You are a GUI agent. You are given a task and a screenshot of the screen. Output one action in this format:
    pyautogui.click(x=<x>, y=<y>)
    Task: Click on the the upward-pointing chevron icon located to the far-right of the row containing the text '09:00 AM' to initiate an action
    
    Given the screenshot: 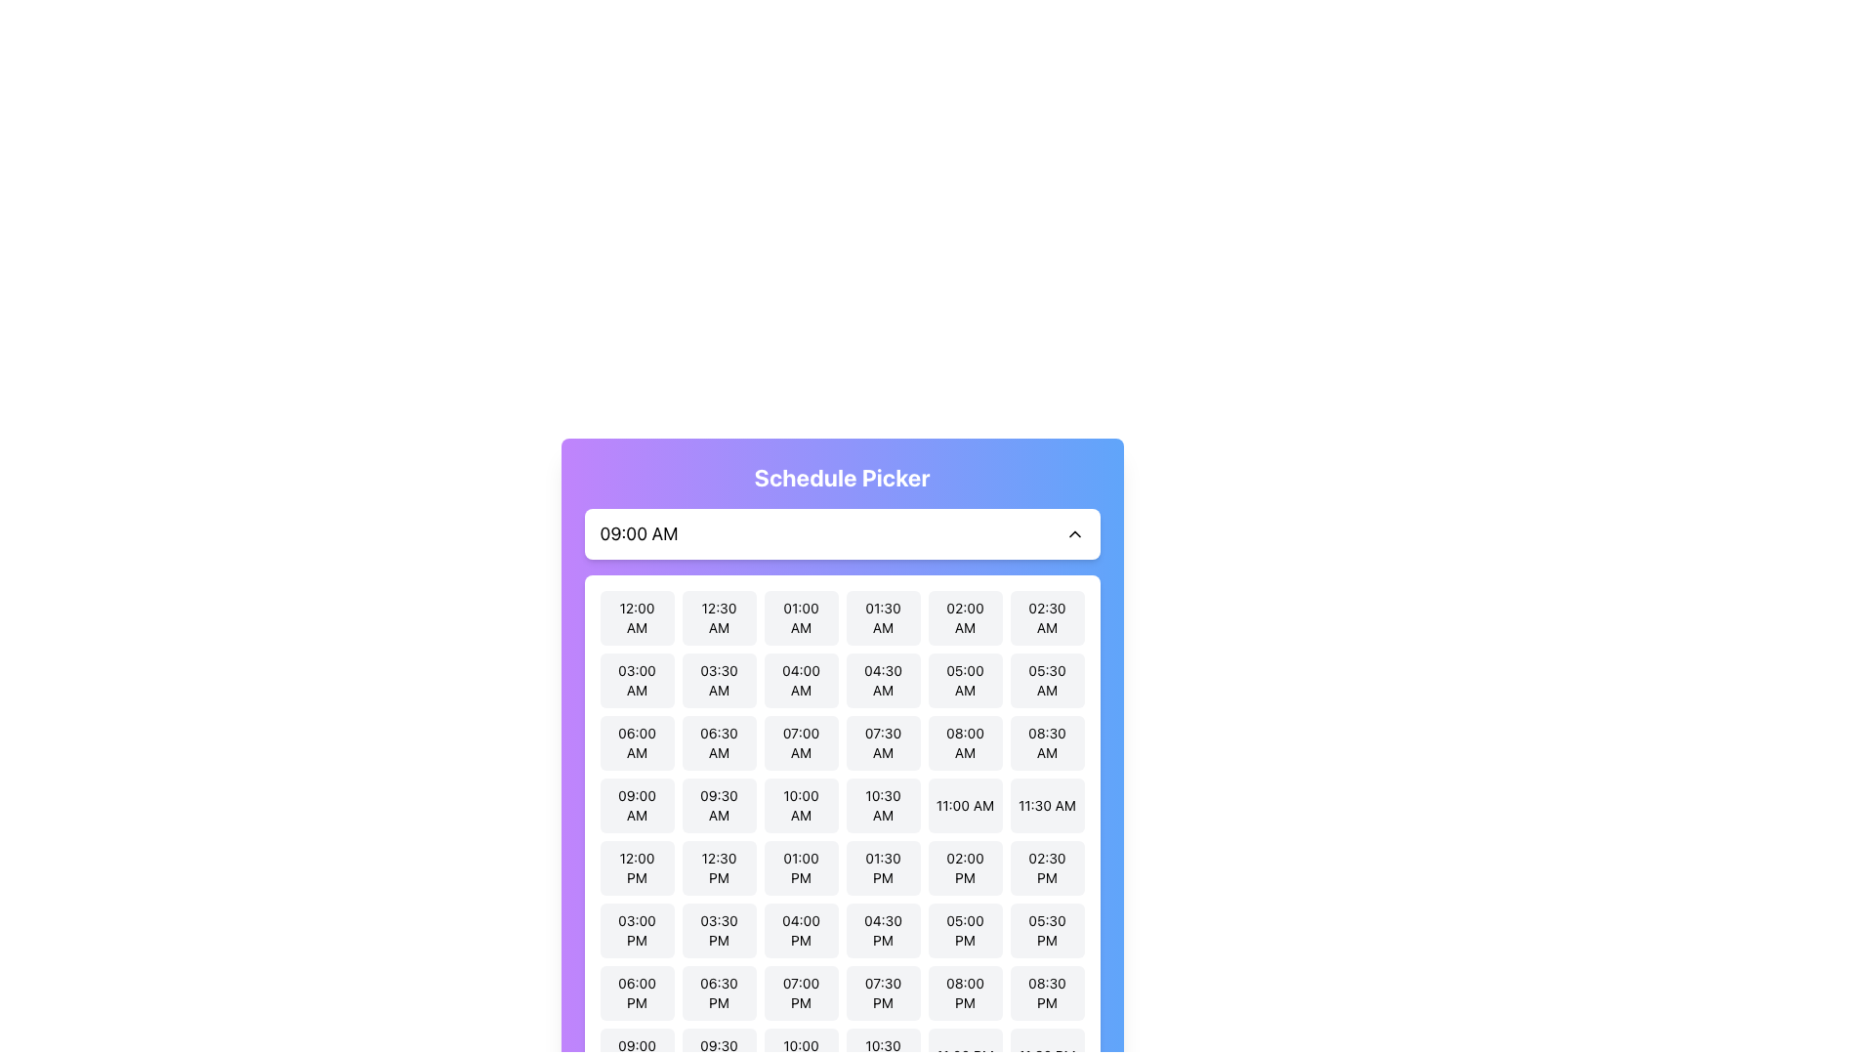 What is the action you would take?
    pyautogui.click(x=1073, y=534)
    